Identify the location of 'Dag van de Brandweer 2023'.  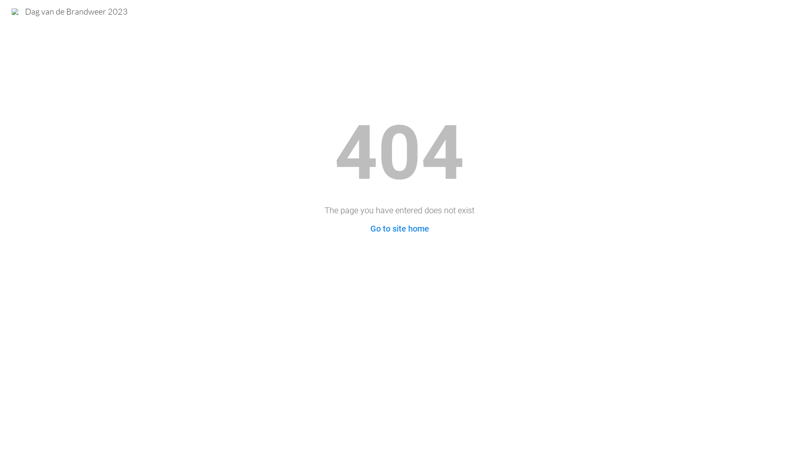
(69, 10).